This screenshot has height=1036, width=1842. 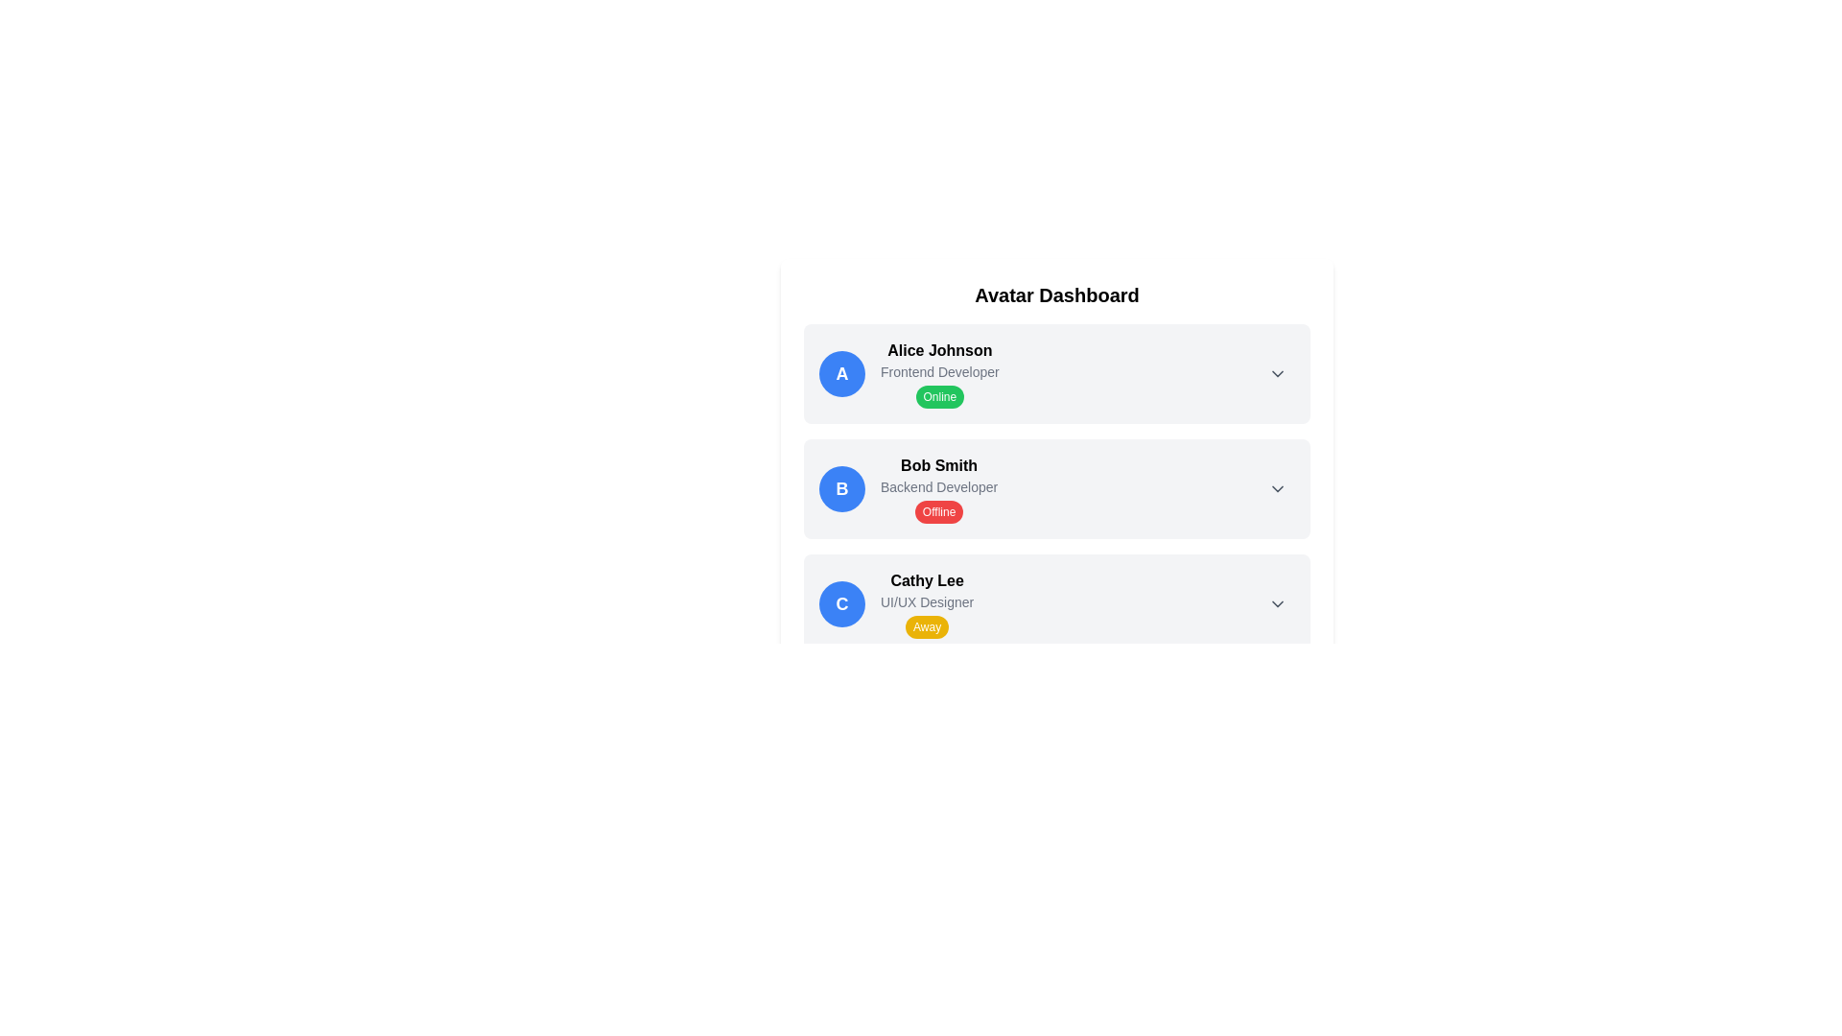 I want to click on the user profile summary card that displays identity and status information, which is the third card in a vertical list of profile cards, so click(x=895, y=602).